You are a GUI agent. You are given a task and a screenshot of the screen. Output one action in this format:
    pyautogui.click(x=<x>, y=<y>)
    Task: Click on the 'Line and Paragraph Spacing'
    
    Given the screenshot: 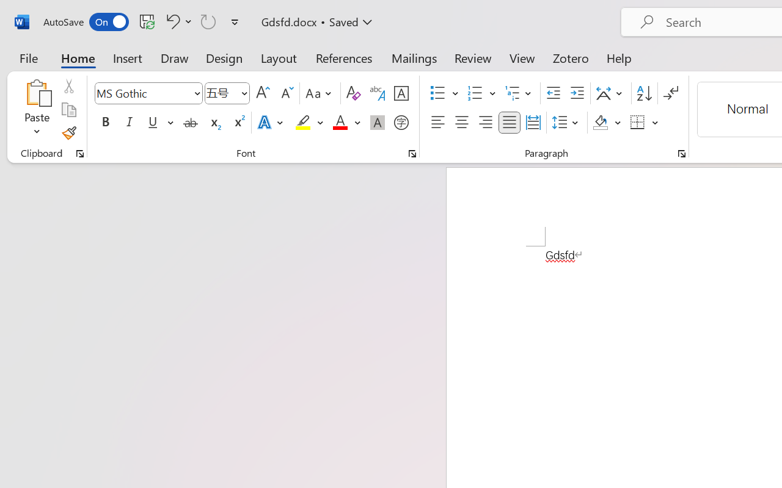 What is the action you would take?
    pyautogui.click(x=566, y=123)
    